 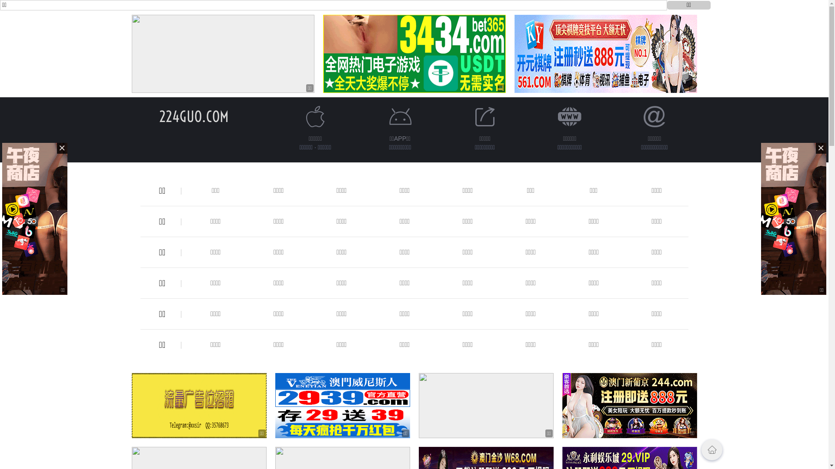 What do you see at coordinates (194, 116) in the screenshot?
I see `'224GUO.COM'` at bounding box center [194, 116].